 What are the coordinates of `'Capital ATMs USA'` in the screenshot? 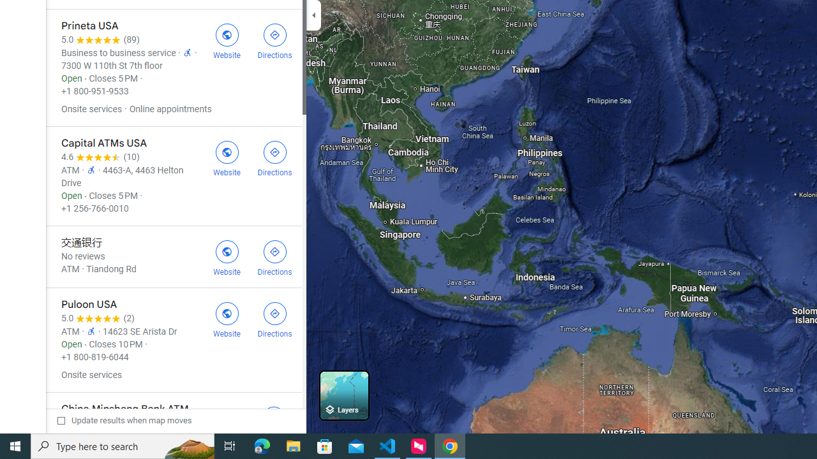 It's located at (173, 176).